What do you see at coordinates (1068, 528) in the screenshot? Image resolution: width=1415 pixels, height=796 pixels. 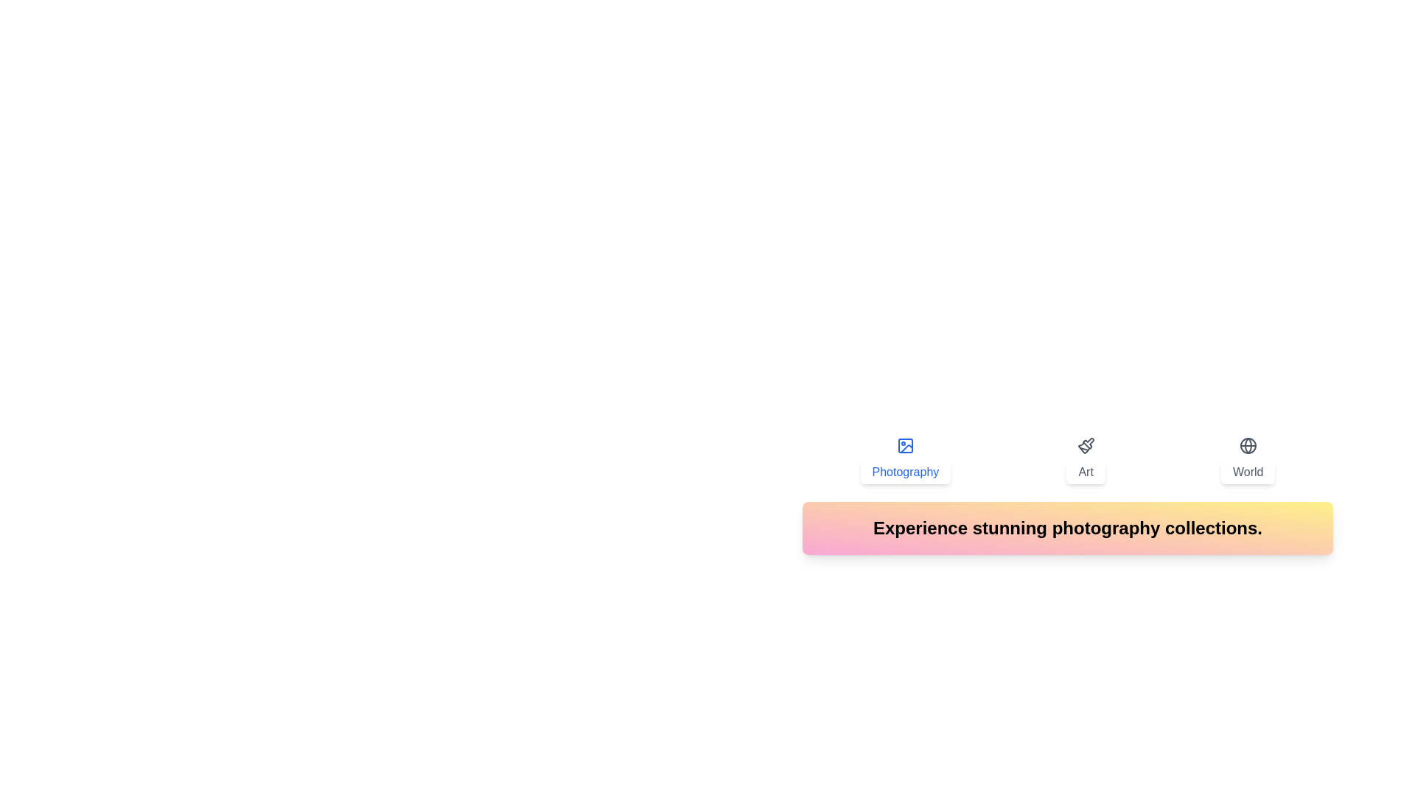 I see `the active tab's content area` at bounding box center [1068, 528].